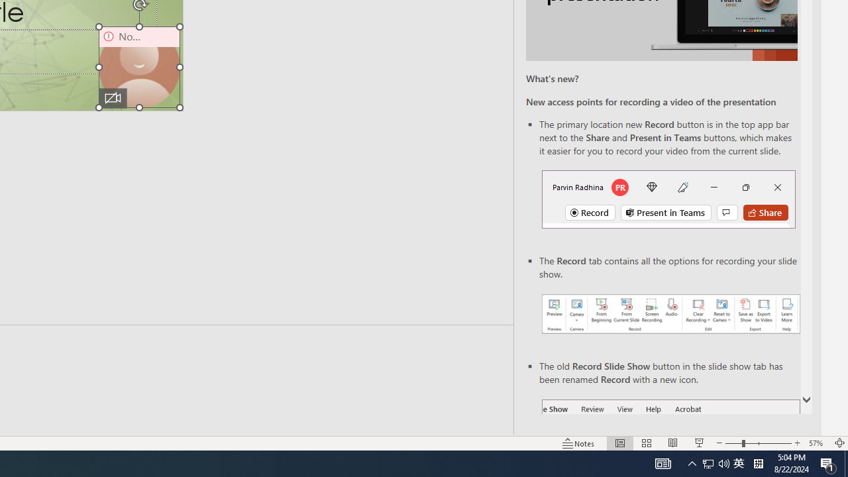 The image size is (848, 477). I want to click on 'Record your presentations screenshot one', so click(671, 314).